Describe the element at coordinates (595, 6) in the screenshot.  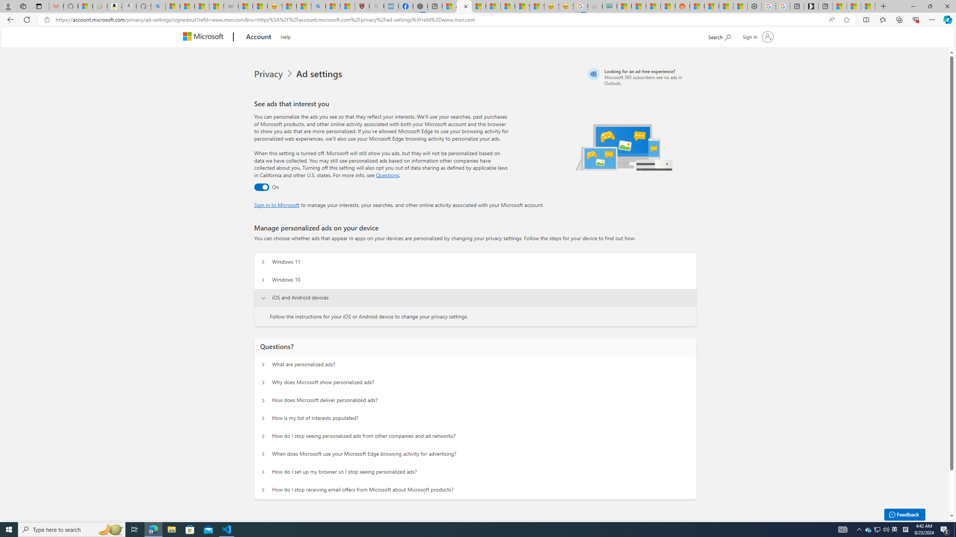
I see `'Navy Quest'` at that location.